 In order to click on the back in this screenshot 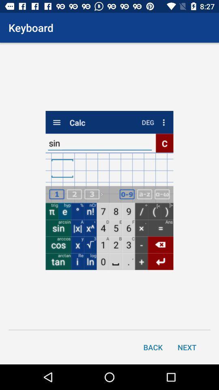, I will do `click(153, 347)`.